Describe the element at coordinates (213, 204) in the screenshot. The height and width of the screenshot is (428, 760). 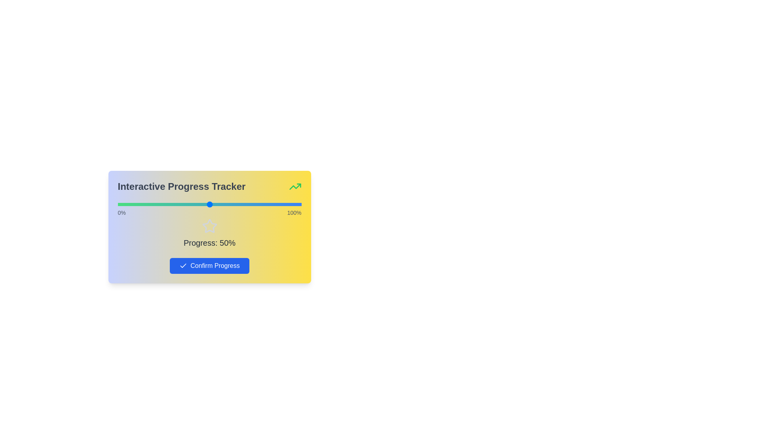
I see `the slider to set the progress percentage to 52` at that location.